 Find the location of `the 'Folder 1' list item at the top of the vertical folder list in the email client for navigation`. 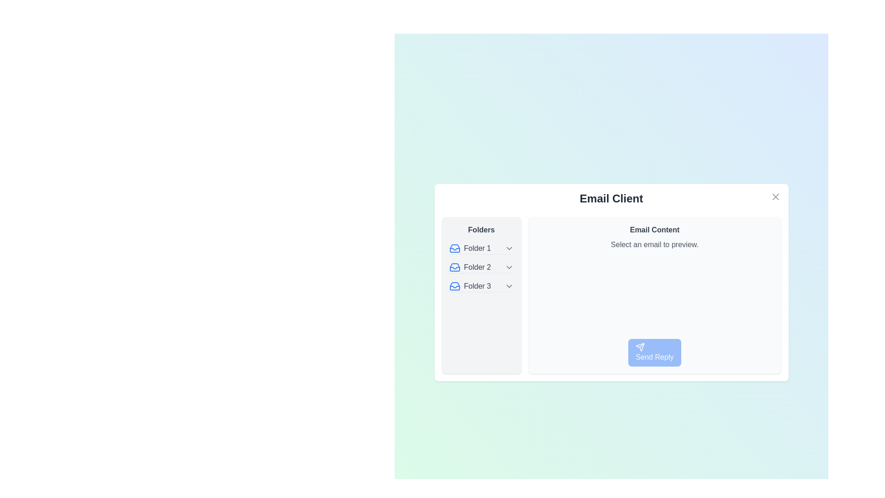

the 'Folder 1' list item at the top of the vertical folder list in the email client for navigation is located at coordinates (470, 248).